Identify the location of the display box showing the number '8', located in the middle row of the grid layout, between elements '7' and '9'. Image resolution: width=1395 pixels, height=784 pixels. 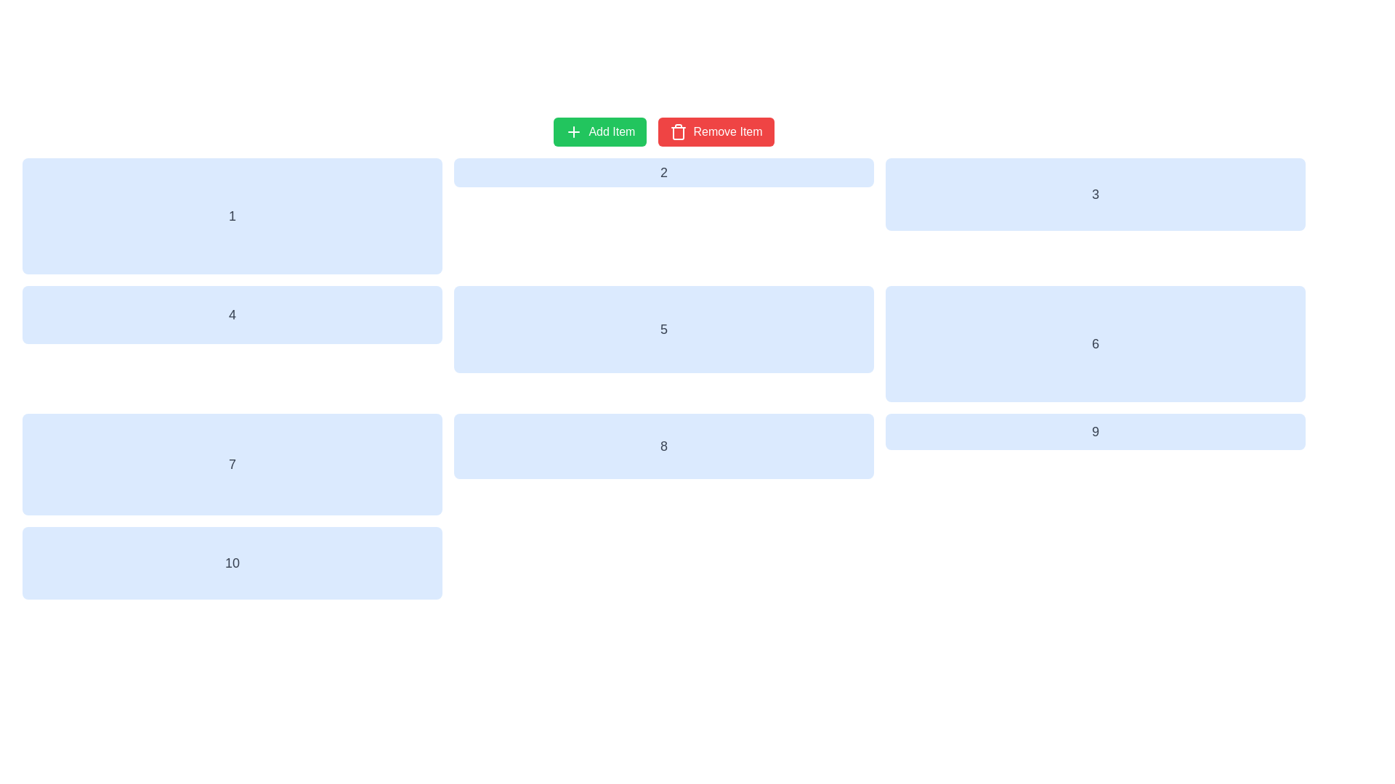
(663, 445).